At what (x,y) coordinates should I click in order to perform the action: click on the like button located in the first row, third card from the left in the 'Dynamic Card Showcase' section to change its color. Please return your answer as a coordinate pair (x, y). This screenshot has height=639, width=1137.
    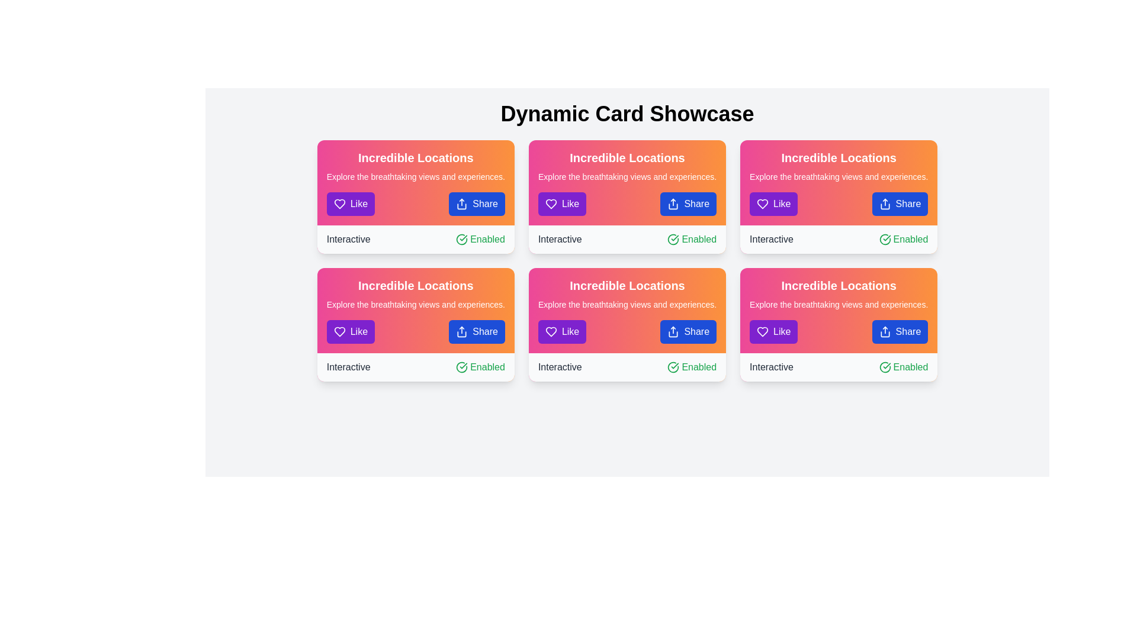
    Looking at the image, I should click on (561, 331).